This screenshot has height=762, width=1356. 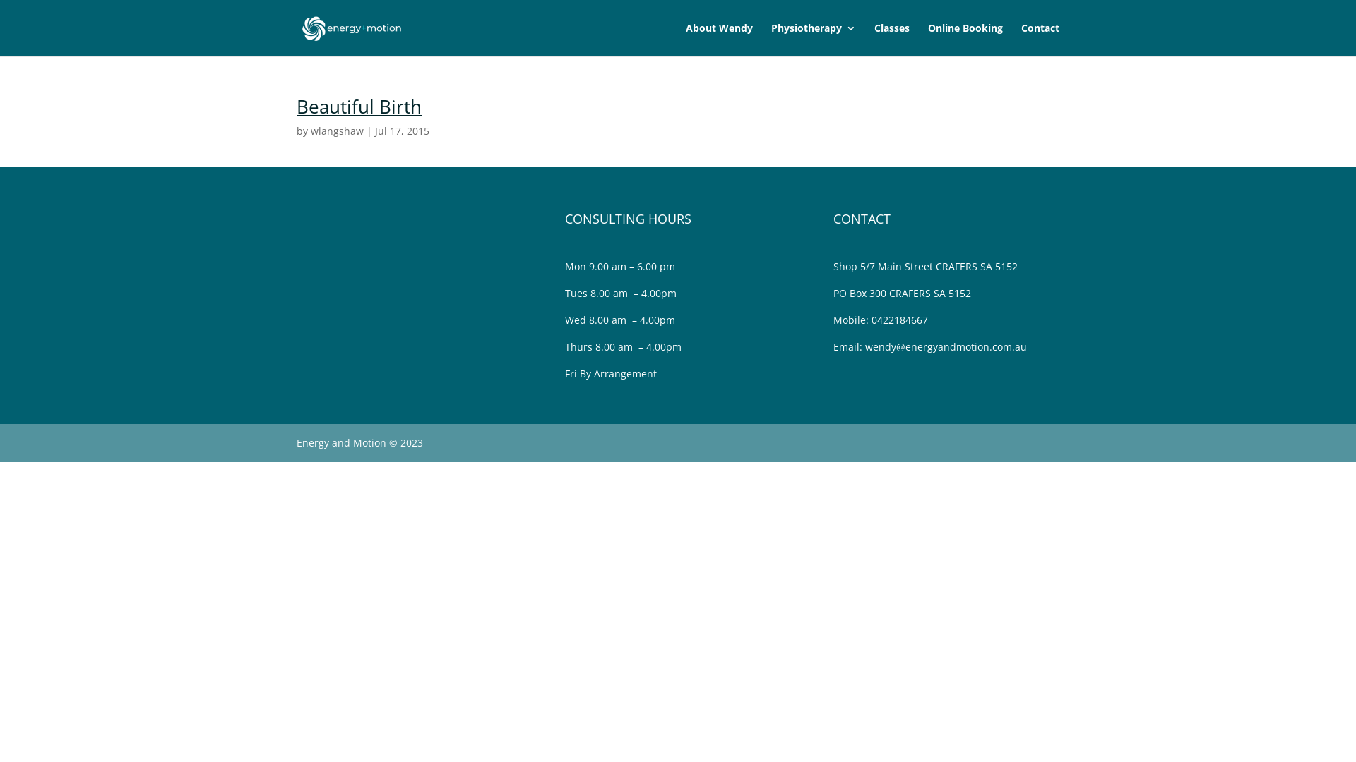 What do you see at coordinates (359, 105) in the screenshot?
I see `'Beautiful Birth'` at bounding box center [359, 105].